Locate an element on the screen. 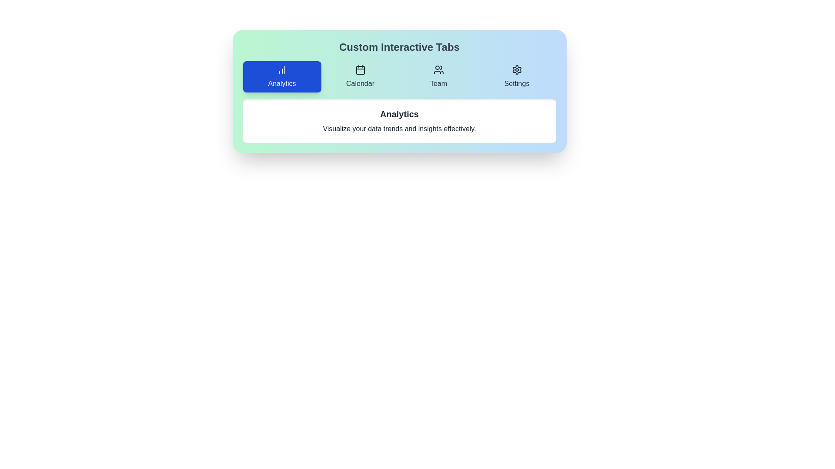 Image resolution: width=835 pixels, height=469 pixels. the gear icon on the far-right side of the tab menu is located at coordinates (517, 69).